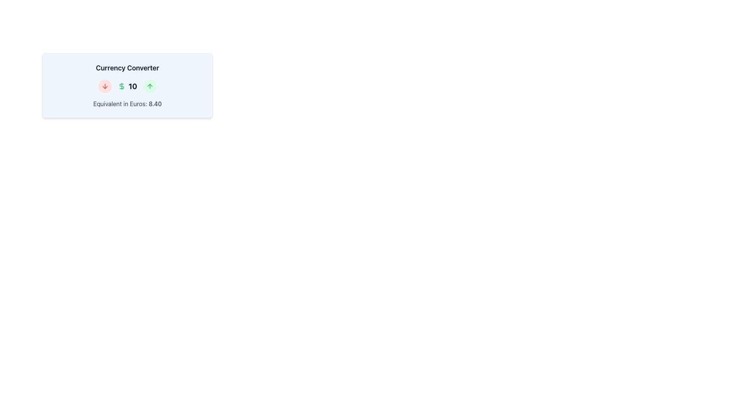 Image resolution: width=731 pixels, height=411 pixels. I want to click on the text label displaying the equivalent monetary value in Euros, which is located at the bottom of the card titled 'Currency Converter' immediately after the colon in 'Equivalent in Euros:', so click(155, 104).